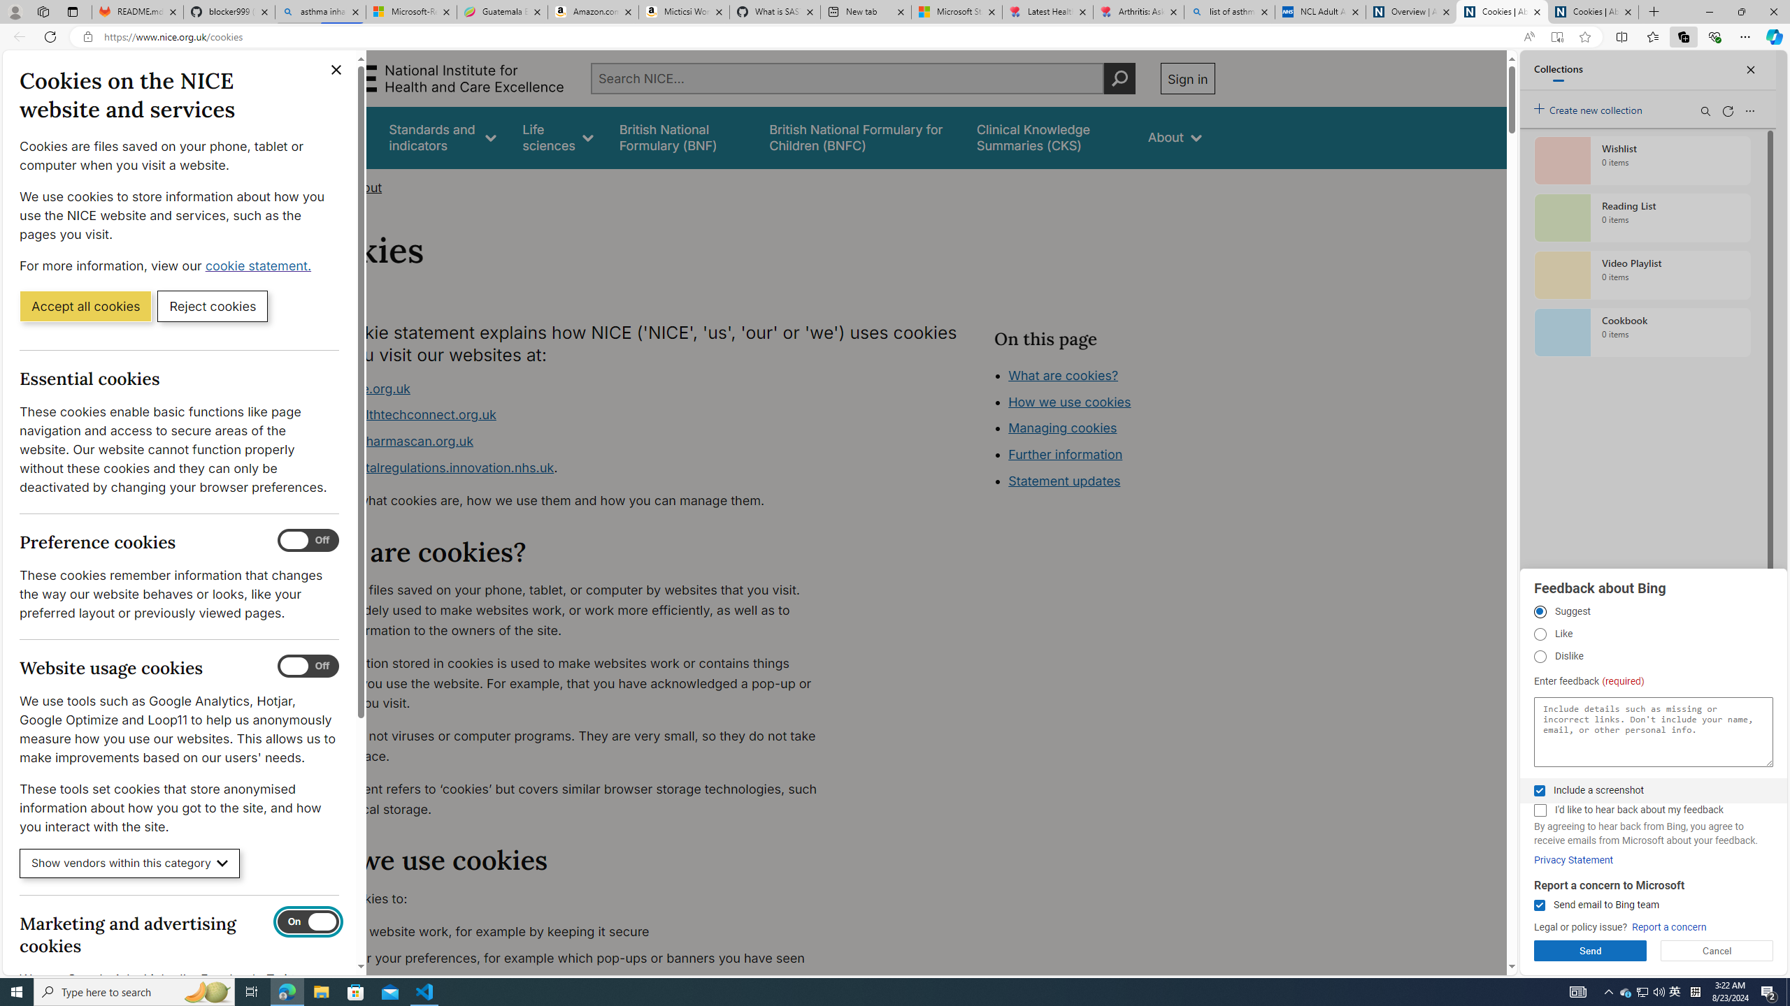 This screenshot has width=1790, height=1006. I want to click on 'Reject cookies', so click(212, 305).